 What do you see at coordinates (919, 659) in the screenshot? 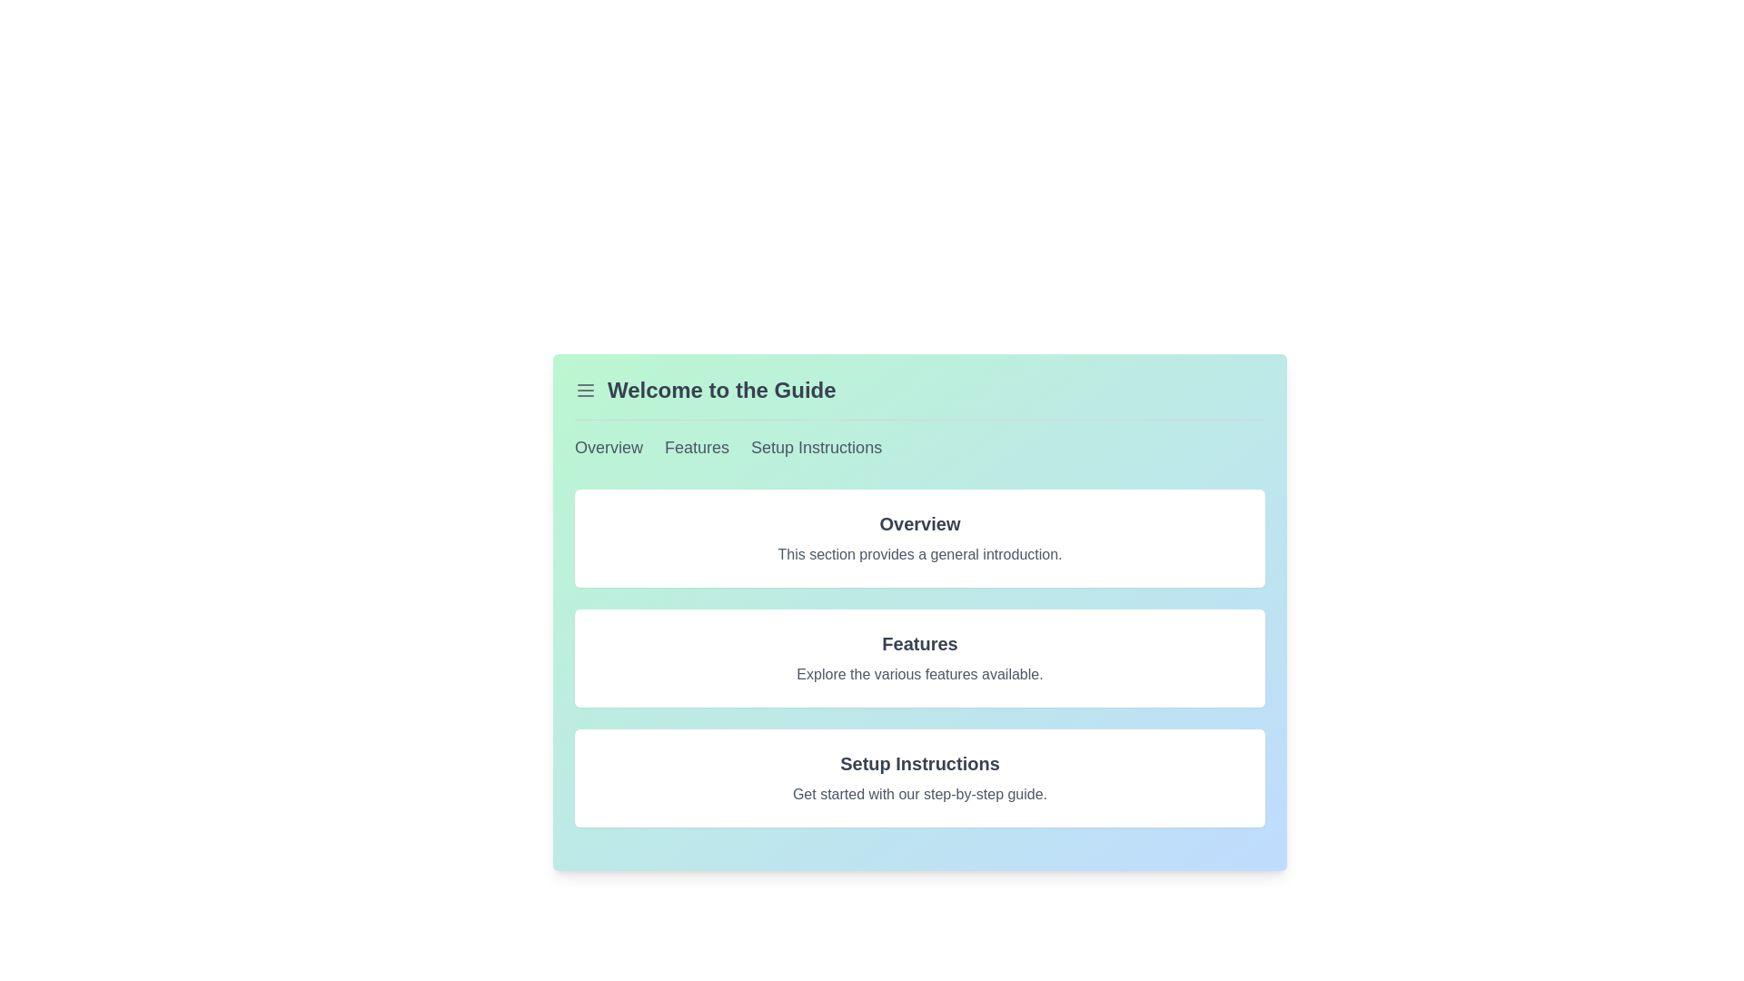
I see `text content of the Information block, which is the second item in the vertical stack, located between 'Overview' and 'Setup Instructions' in the 'Welcome to the Guide' section` at bounding box center [919, 659].